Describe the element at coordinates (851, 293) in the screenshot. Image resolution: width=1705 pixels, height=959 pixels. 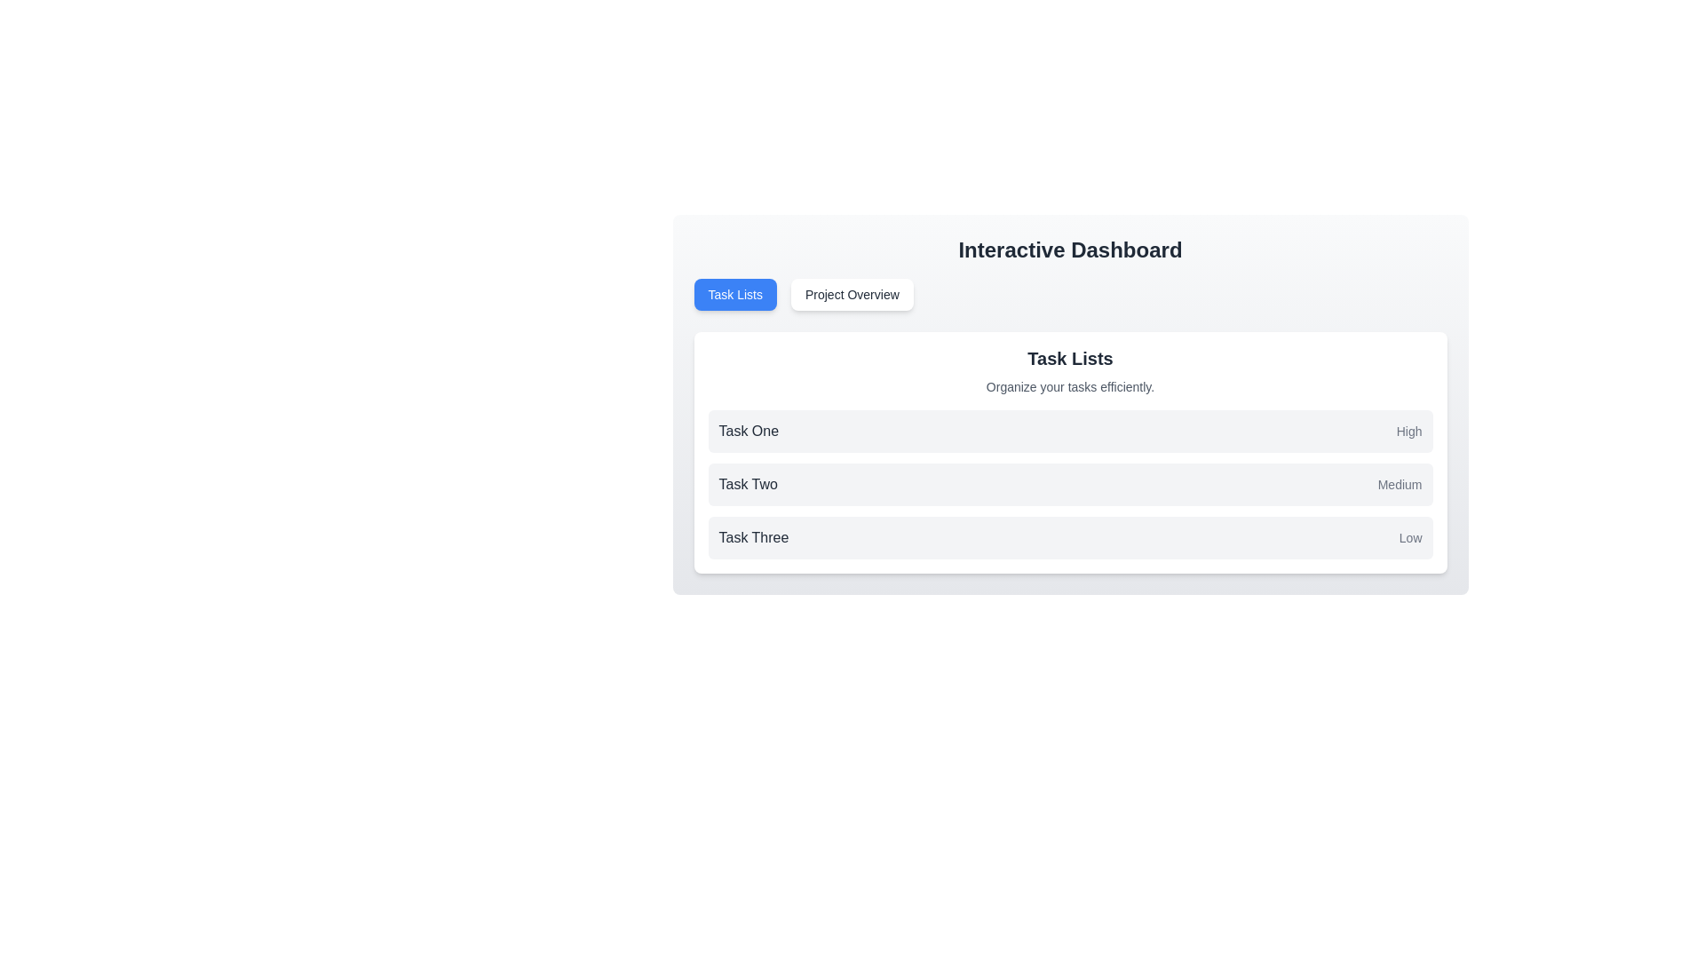
I see `the Project Overview button to switch to the corresponding data section` at that location.